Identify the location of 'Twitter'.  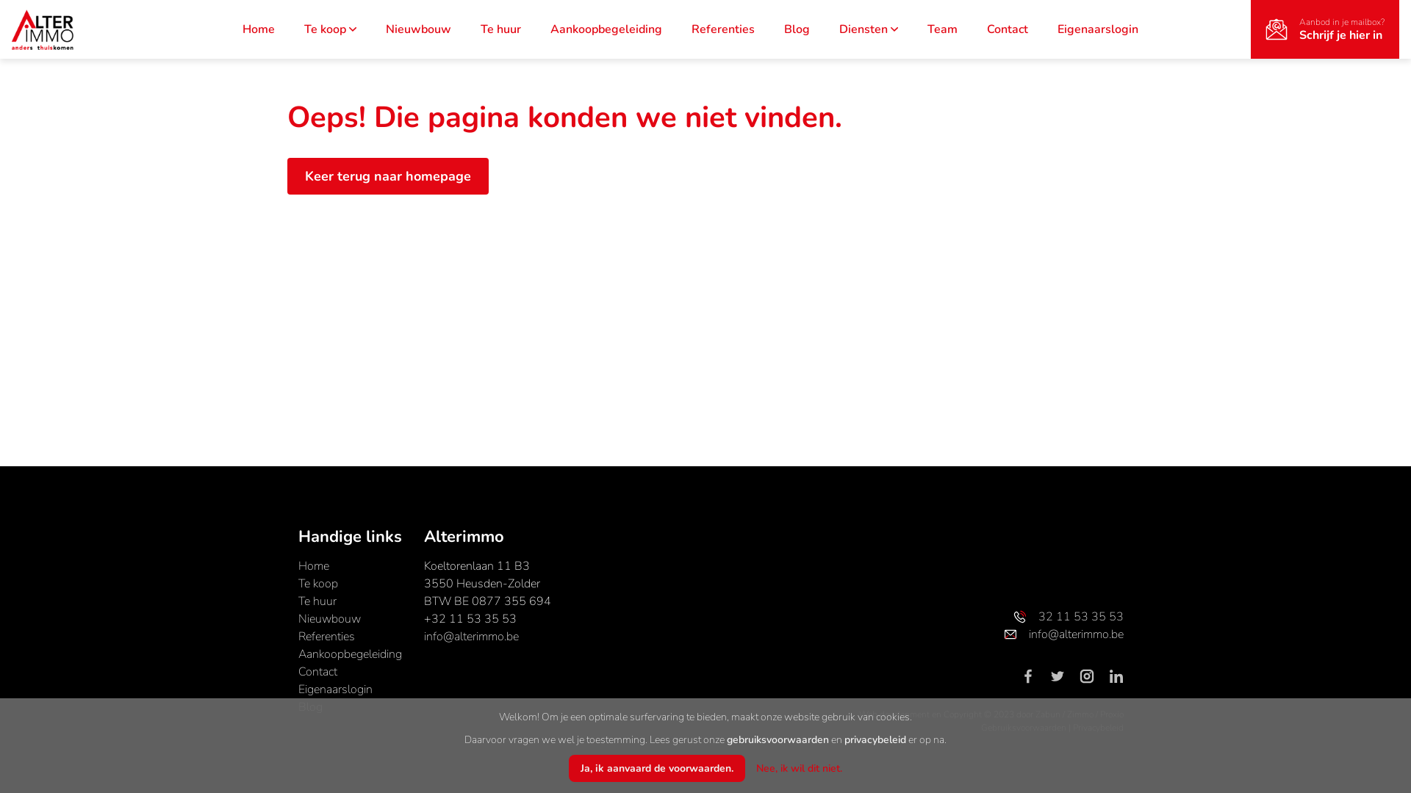
(1063, 676).